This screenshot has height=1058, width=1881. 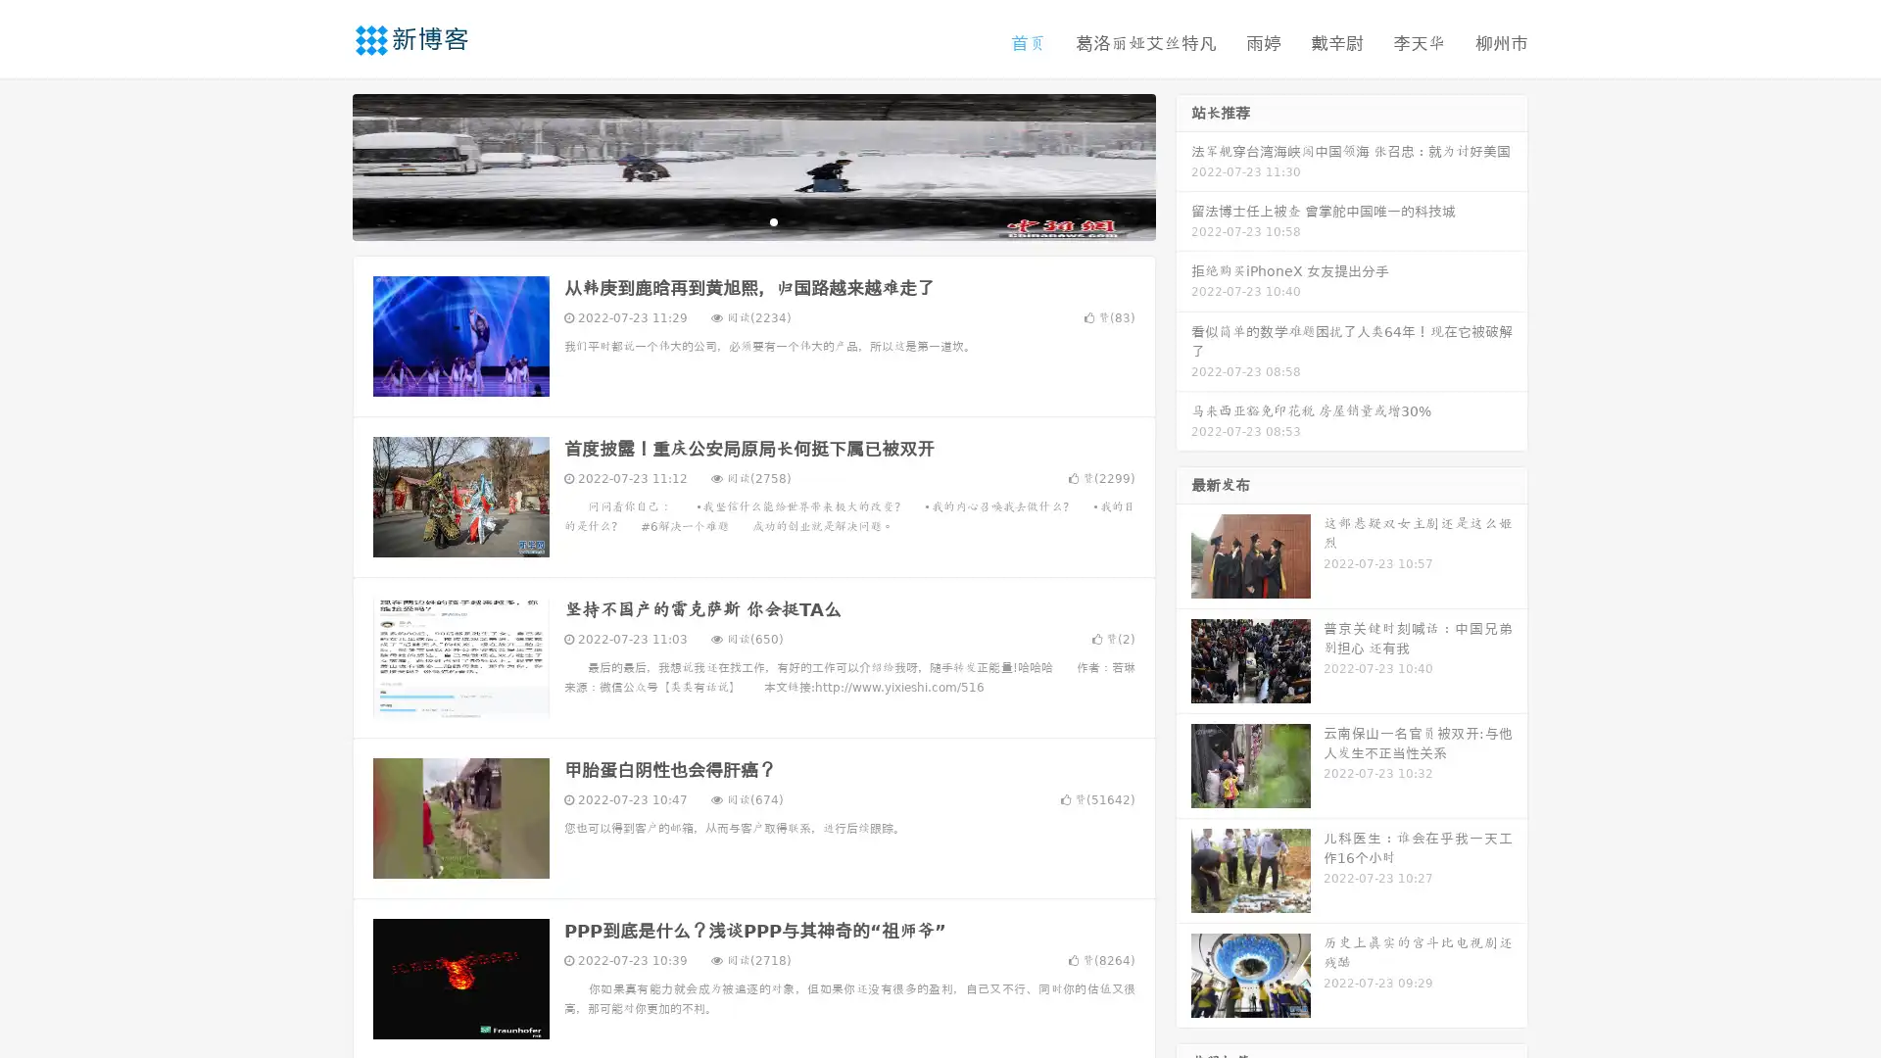 What do you see at coordinates (752, 220) in the screenshot?
I see `Go to slide 2` at bounding box center [752, 220].